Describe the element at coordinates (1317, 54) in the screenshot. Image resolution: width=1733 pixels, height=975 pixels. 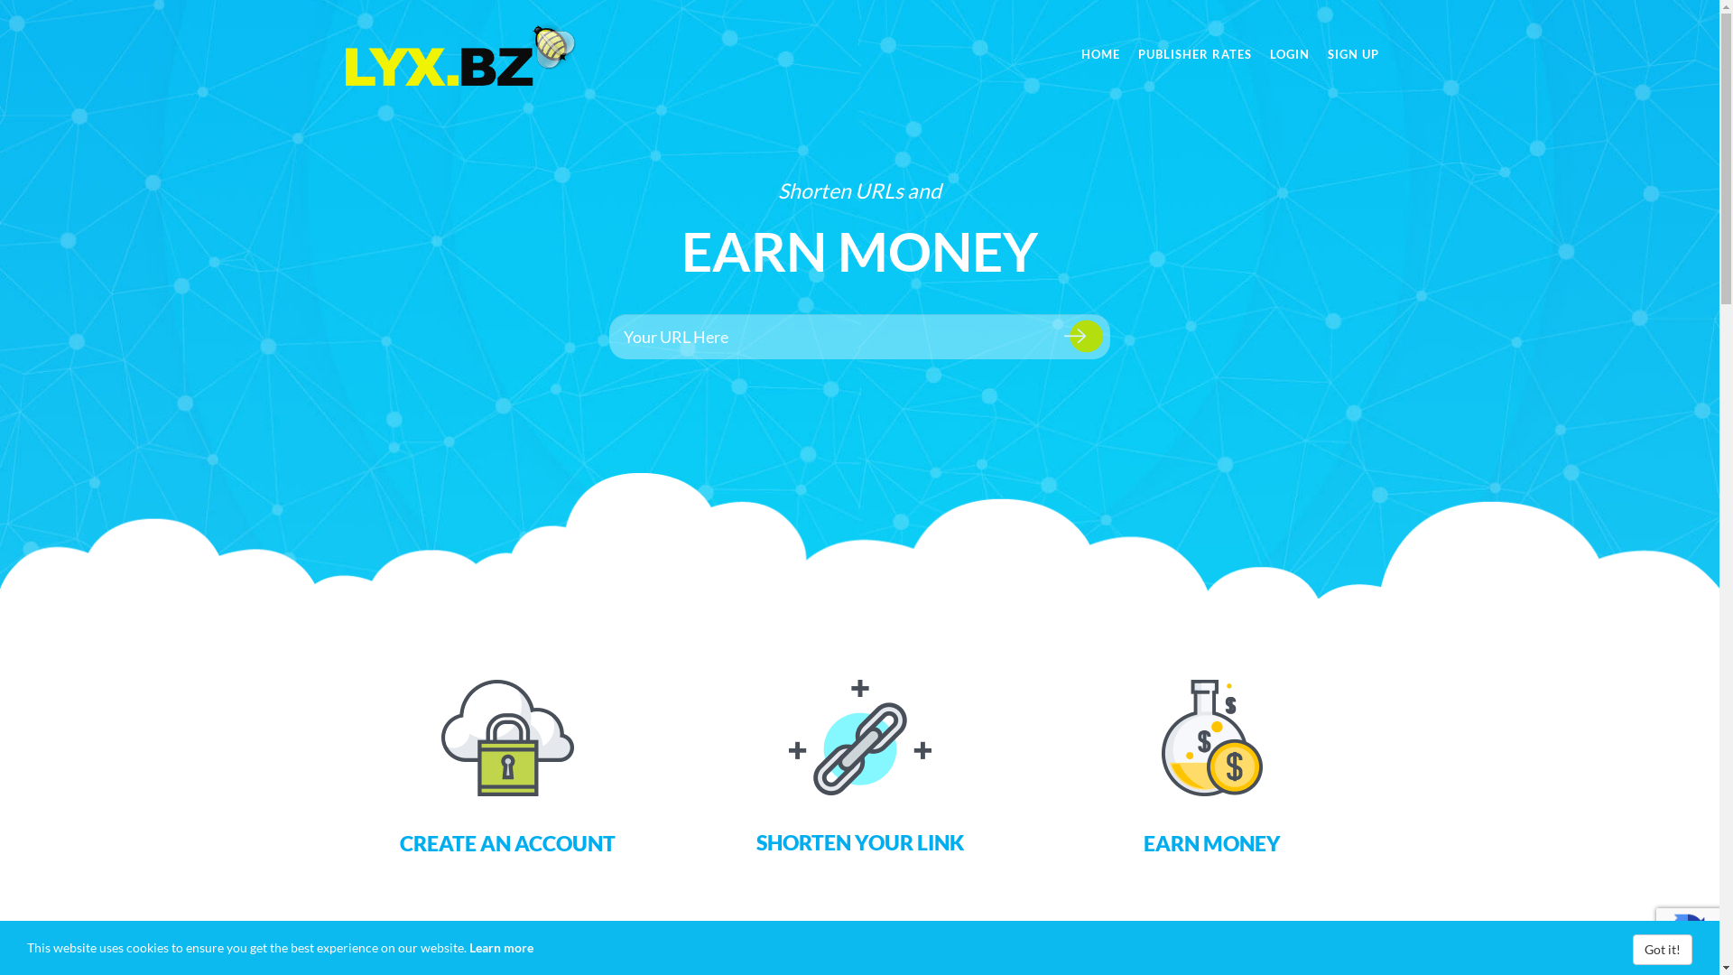
I see `'SIGN UP'` at that location.